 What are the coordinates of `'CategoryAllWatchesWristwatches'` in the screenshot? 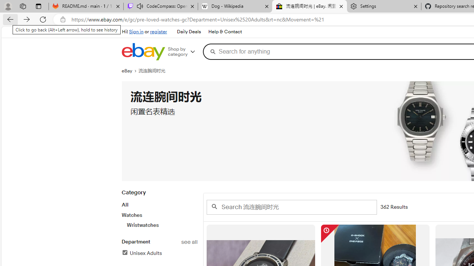 It's located at (159, 213).